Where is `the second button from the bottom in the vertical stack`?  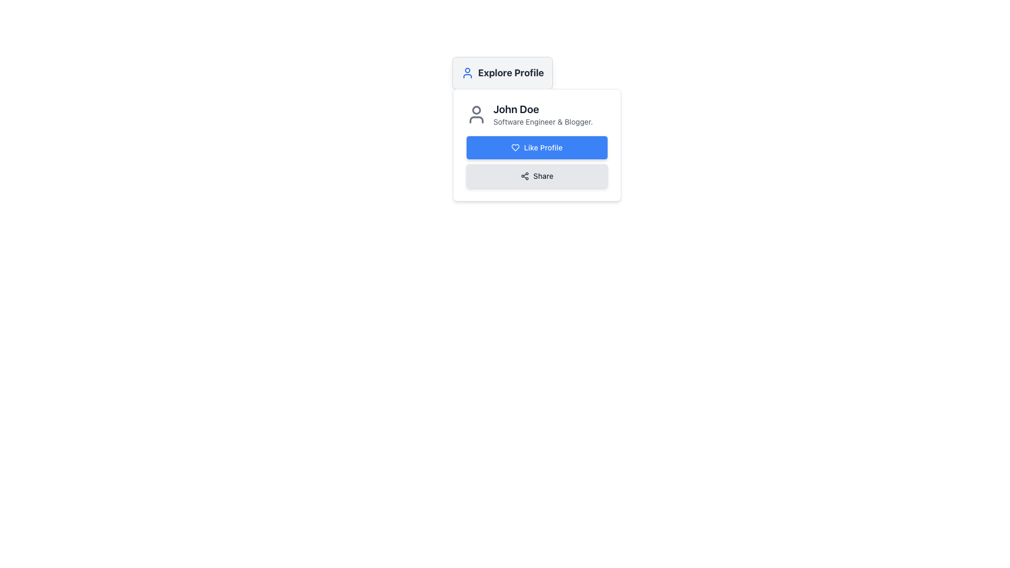
the second button from the bottom in the vertical stack is located at coordinates (537, 176).